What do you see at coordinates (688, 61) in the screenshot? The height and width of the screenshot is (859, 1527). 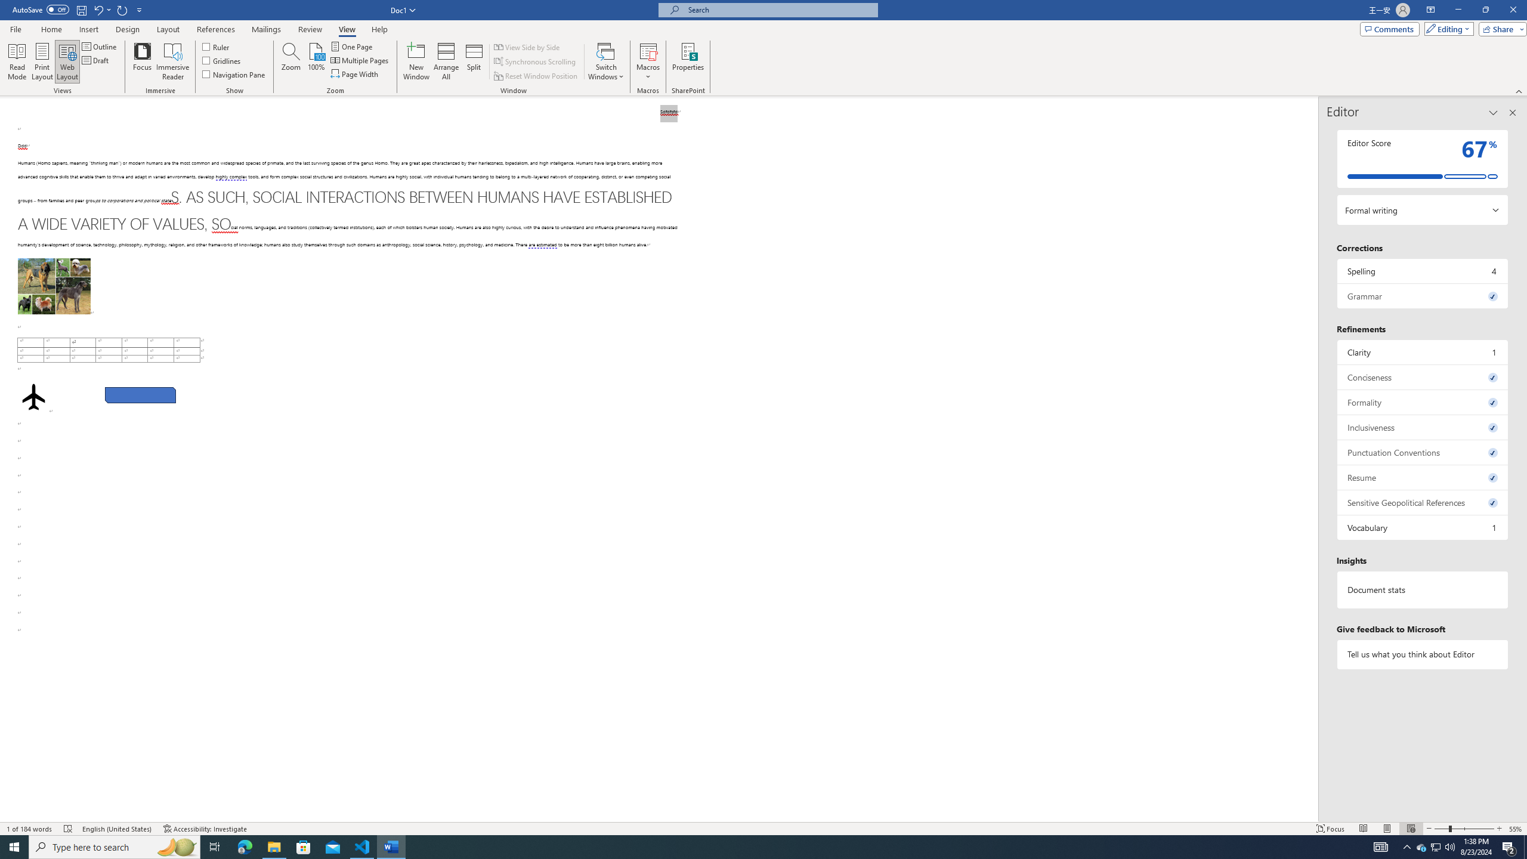 I see `'Properties'` at bounding box center [688, 61].